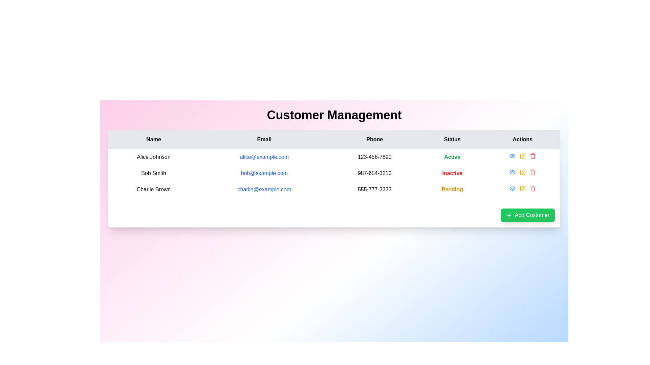  I want to click on the square part of the pen and square icon located in the 'Actions' column beside the 'Bob Smith' entry, so click(522, 156).